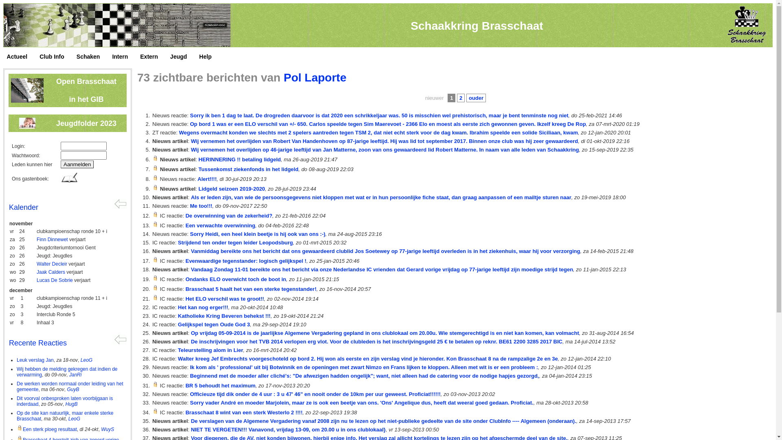 This screenshot has height=440, width=782. I want to click on 'Ondanks ELO overwicht toch de boot in', so click(185, 279).